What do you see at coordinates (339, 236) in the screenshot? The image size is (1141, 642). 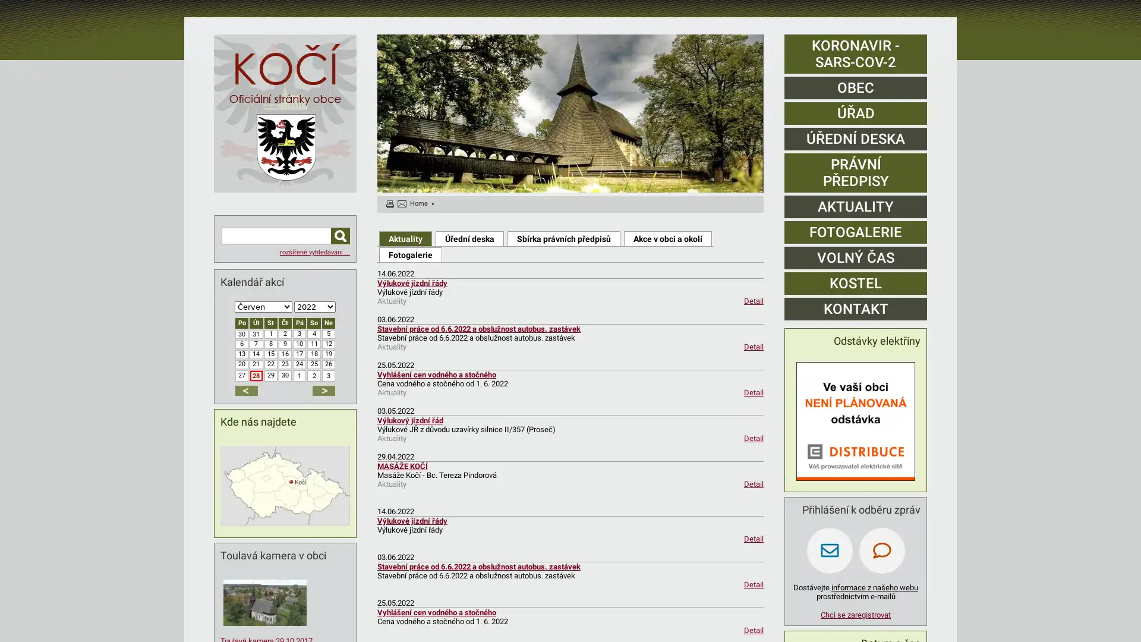 I see `Hledat` at bounding box center [339, 236].